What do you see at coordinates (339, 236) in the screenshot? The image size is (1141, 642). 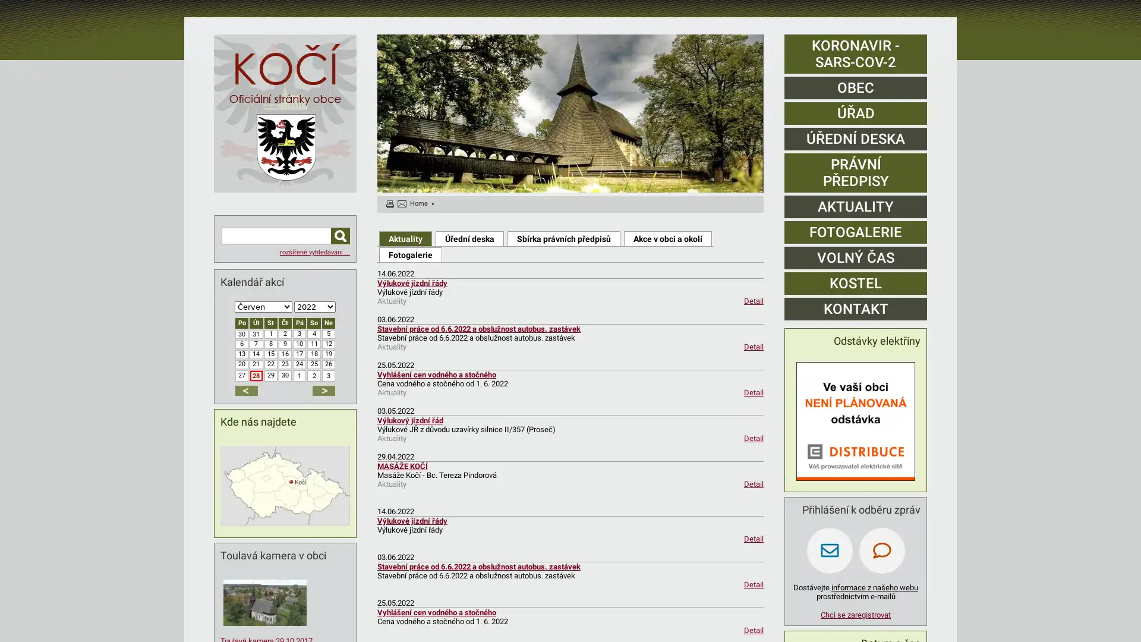 I see `Hledat` at bounding box center [339, 236].